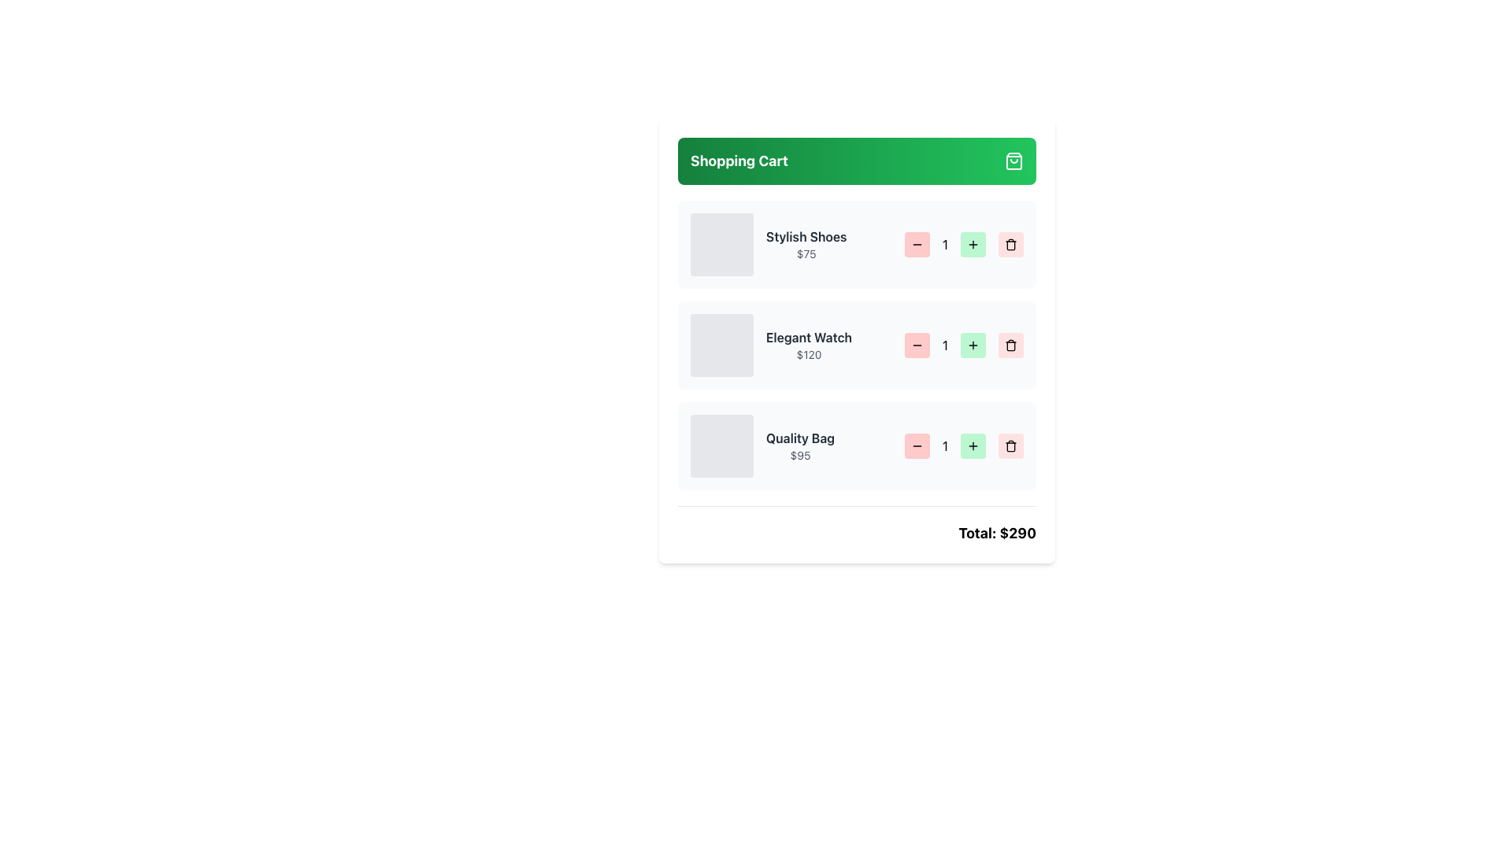  Describe the element at coordinates (973, 345) in the screenshot. I see `the increment button for the 'Elegant Watch' item in the shopping cart to increase its quantity` at that location.